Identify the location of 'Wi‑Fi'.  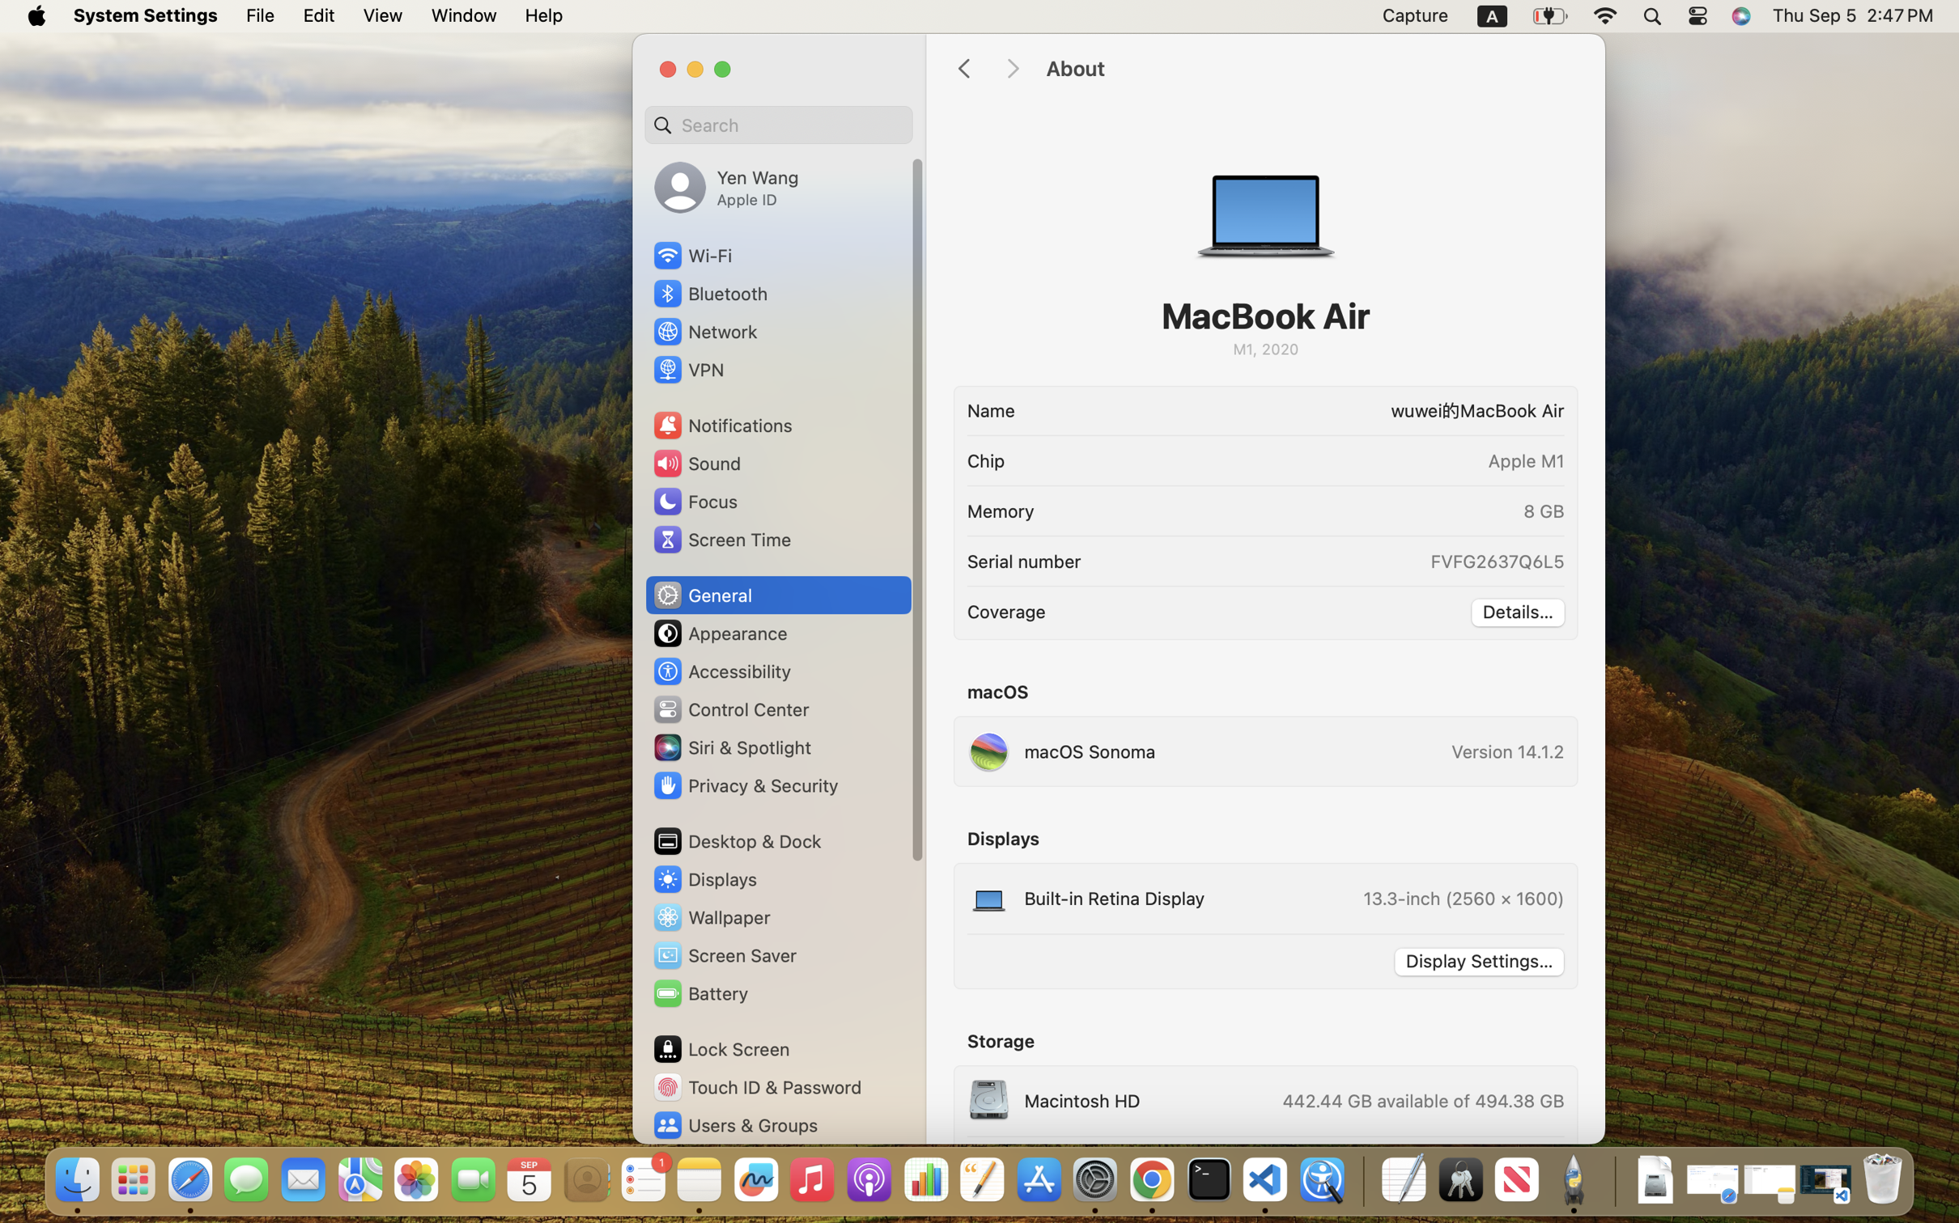
(691, 255).